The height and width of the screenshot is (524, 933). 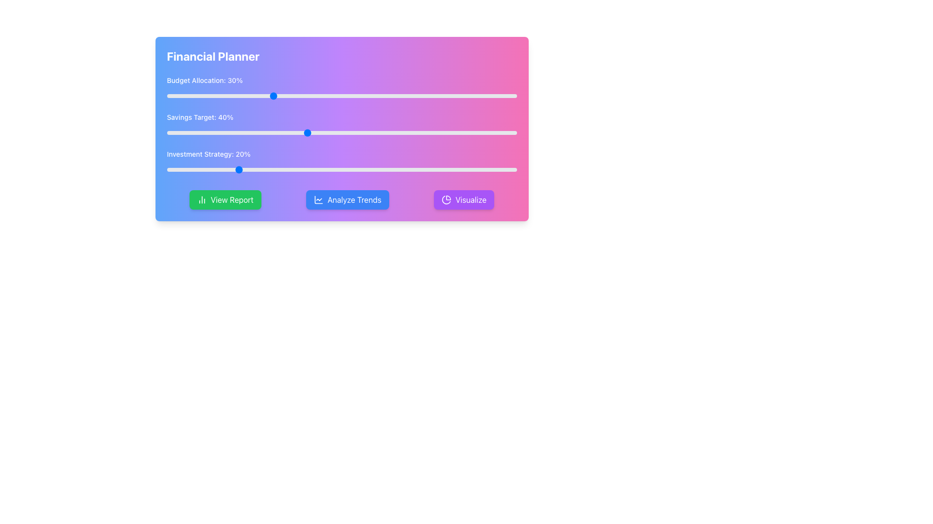 I want to click on the pie chart icon styled with purple hues located inside the 'Visualize' button, which features a purple background and white text, positioned towards the left side adjacent to the text, so click(x=446, y=199).